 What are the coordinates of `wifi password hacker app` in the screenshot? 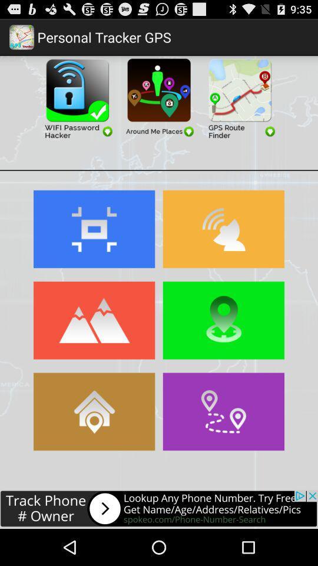 It's located at (77, 97).